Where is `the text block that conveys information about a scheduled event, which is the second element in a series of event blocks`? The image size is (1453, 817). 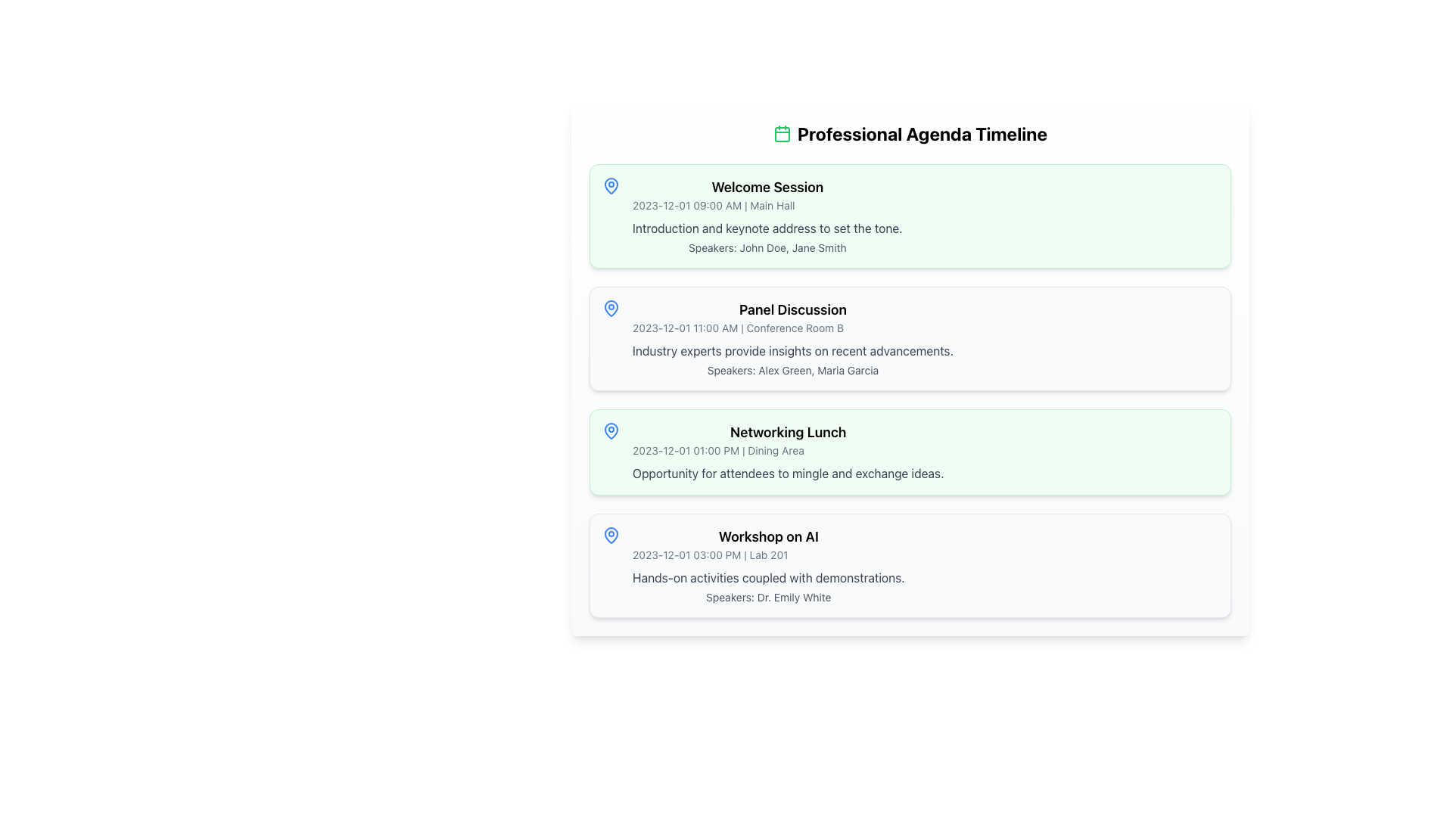 the text block that conveys information about a scheduled event, which is the second element in a series of event blocks is located at coordinates (792, 337).